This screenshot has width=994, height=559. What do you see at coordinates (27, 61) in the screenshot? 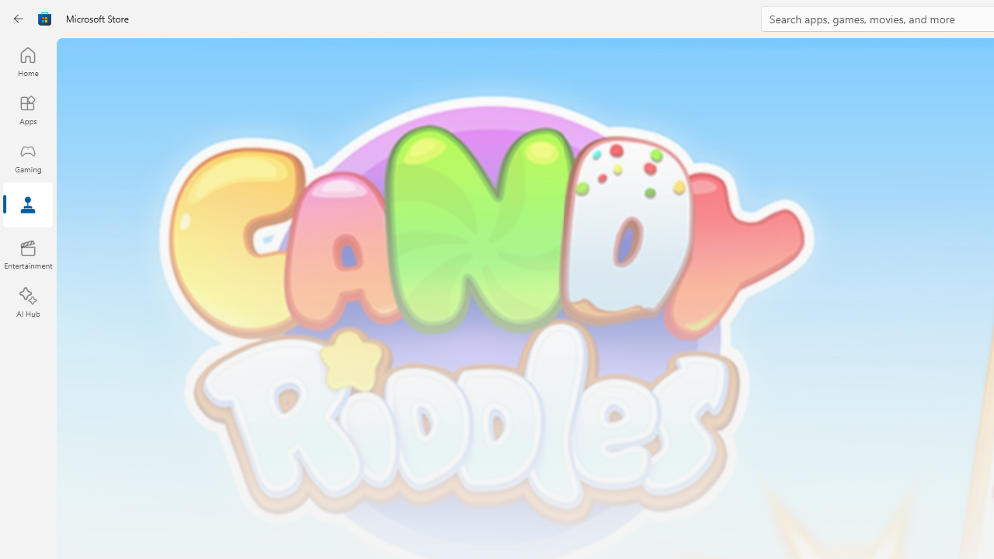
I see `'Home'` at bounding box center [27, 61].